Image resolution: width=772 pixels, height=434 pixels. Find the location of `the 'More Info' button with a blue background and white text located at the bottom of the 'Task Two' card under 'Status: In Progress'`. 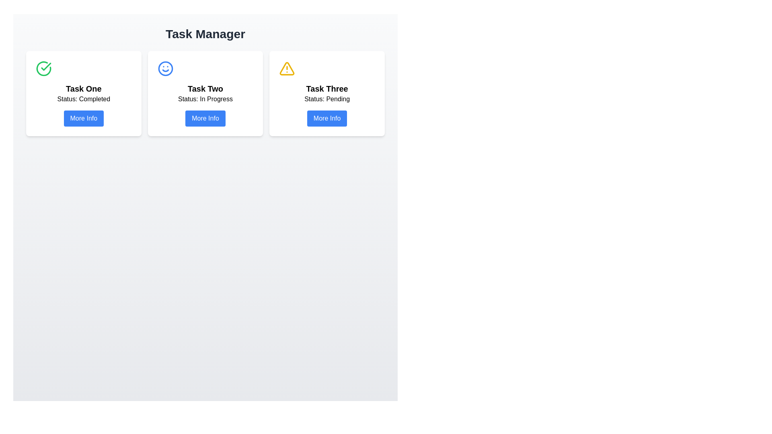

the 'More Info' button with a blue background and white text located at the bottom of the 'Task Two' card under 'Status: In Progress' is located at coordinates (205, 118).